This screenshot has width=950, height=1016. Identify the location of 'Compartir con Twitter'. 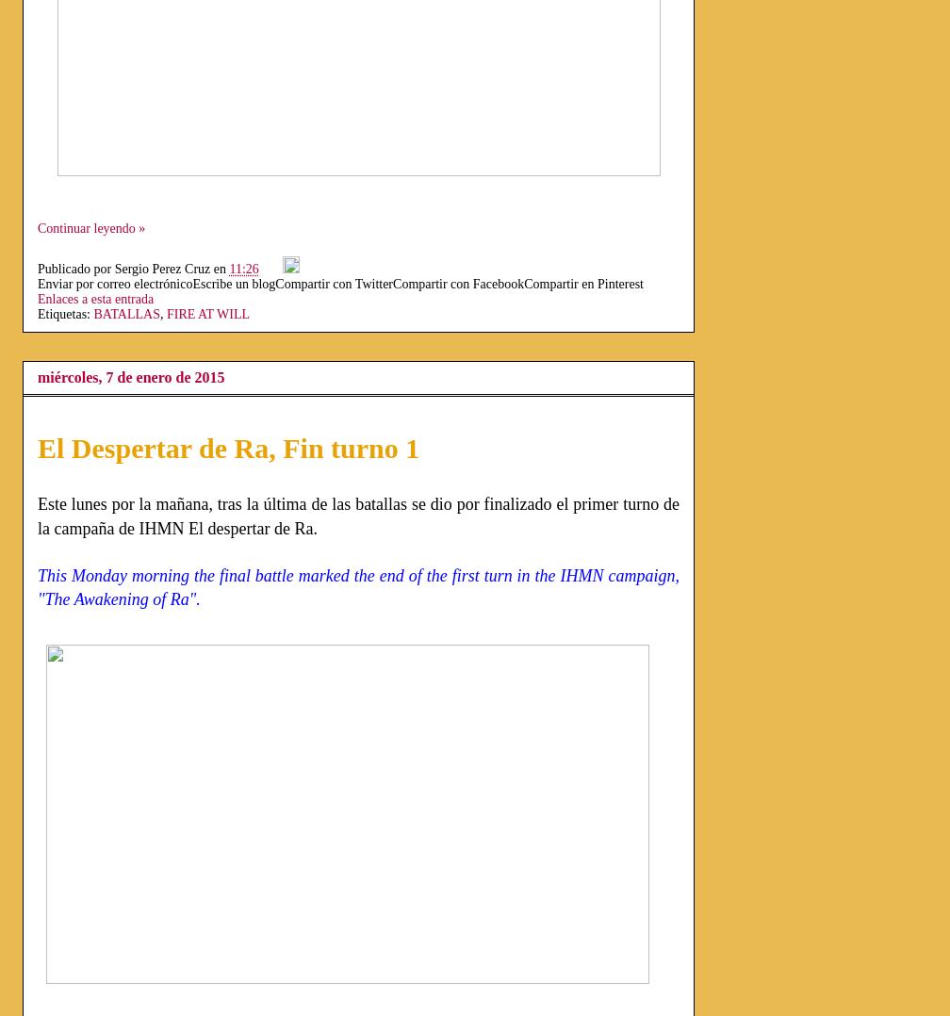
(334, 284).